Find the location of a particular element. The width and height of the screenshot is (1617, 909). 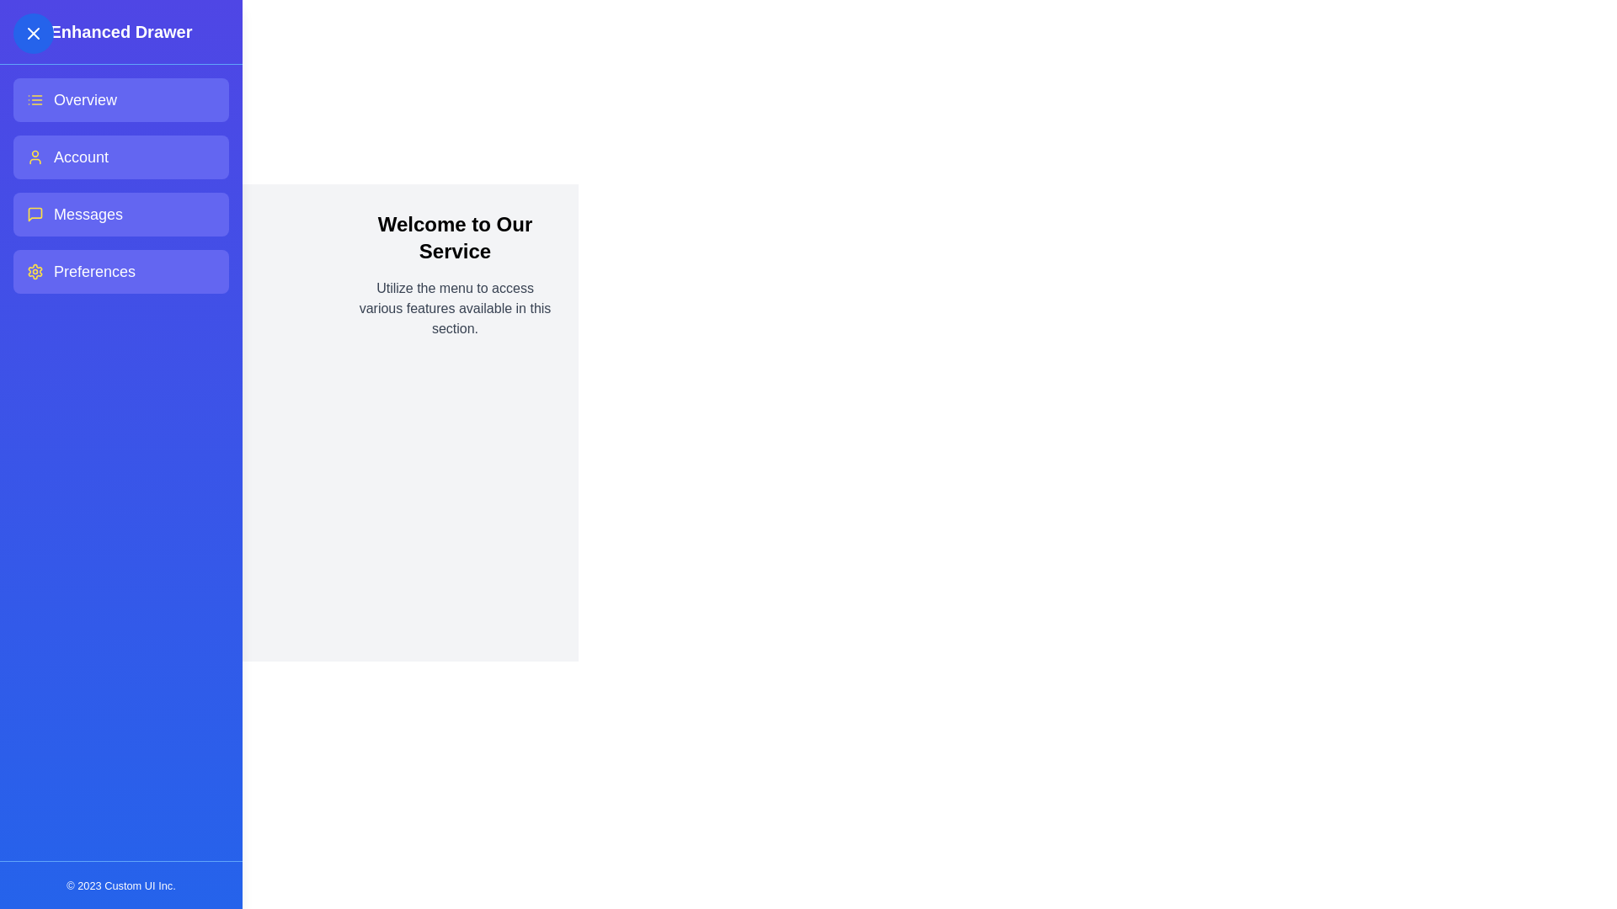

the yellow menu icon represented by three horizontal lines, located on the purple button labeled 'Overview' in the left sidebar is located at coordinates (35, 100).